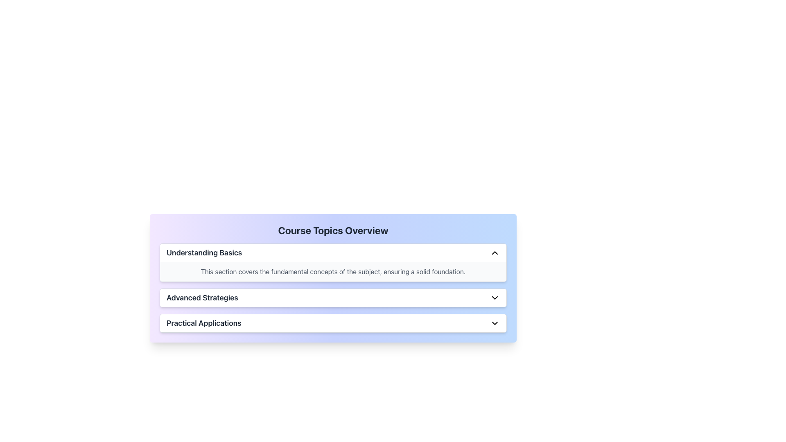 The width and height of the screenshot is (786, 442). I want to click on the 'Practical Applications' title in the Collapsible list item, so click(333, 323).